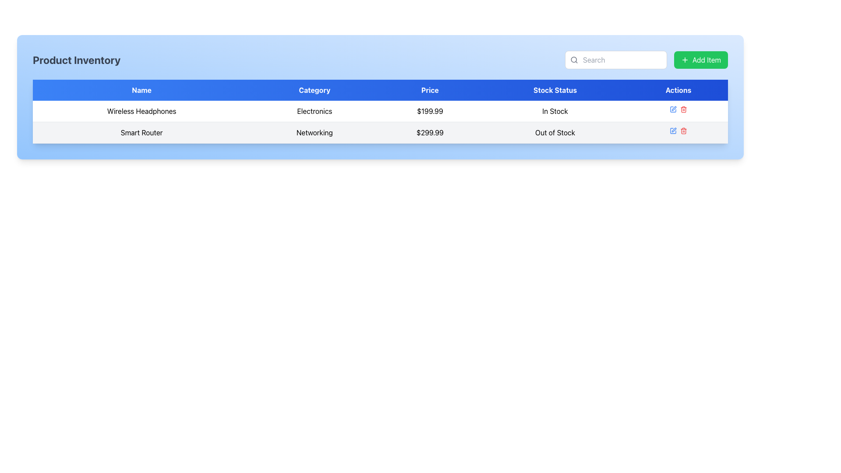 The width and height of the screenshot is (841, 473). I want to click on the text value of the table cell indicating the category 'Electronics' located in the second column of the first row of the product information data grid, so click(314, 111).